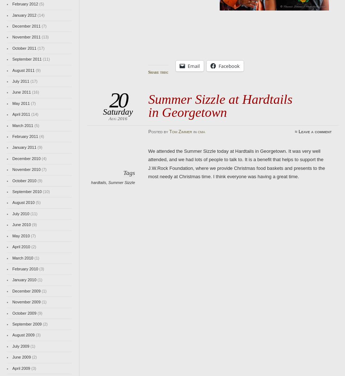 This screenshot has width=345, height=376. Describe the element at coordinates (45, 192) in the screenshot. I see `'(10)'` at that location.